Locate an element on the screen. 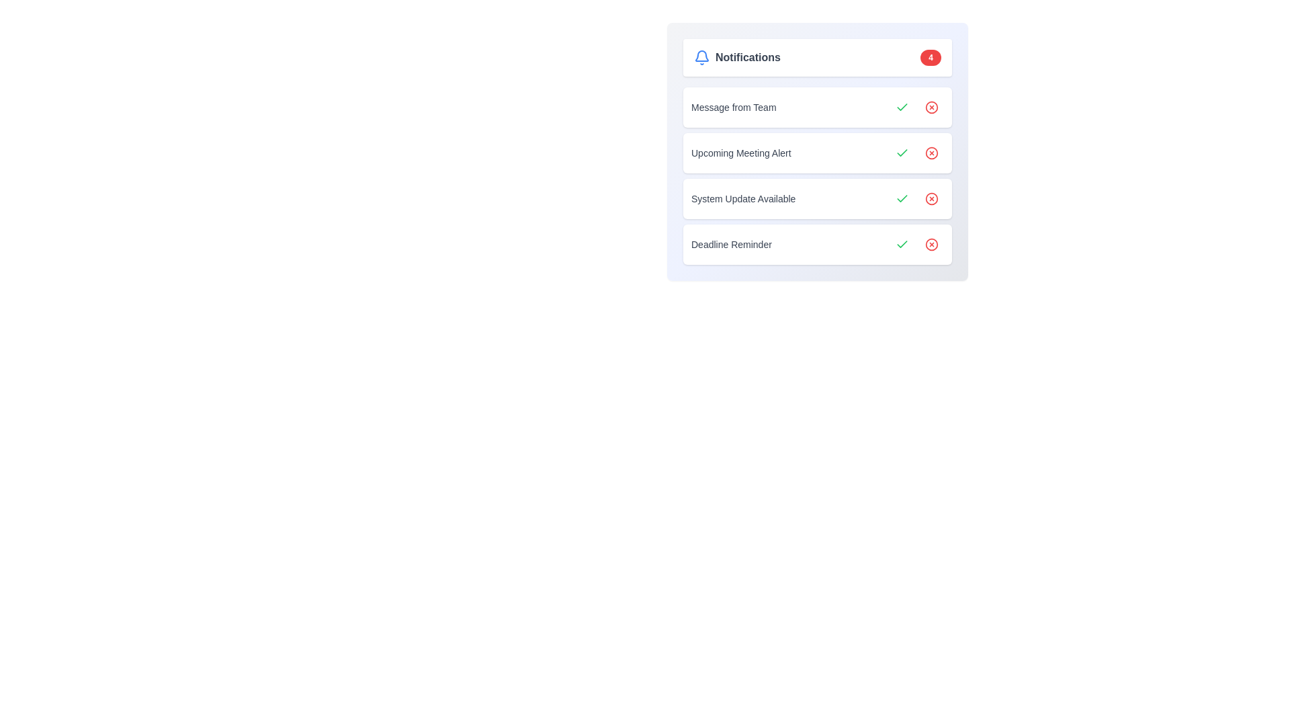 This screenshot has width=1290, height=726. the circular button with a red cross icon located in the third row of the notification panel titled 'System Update Available', which is the second button from the right, to change its background color is located at coordinates (931, 199).